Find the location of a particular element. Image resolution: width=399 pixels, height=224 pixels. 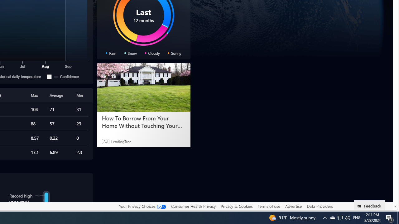

'Data Providers' is located at coordinates (320, 206).